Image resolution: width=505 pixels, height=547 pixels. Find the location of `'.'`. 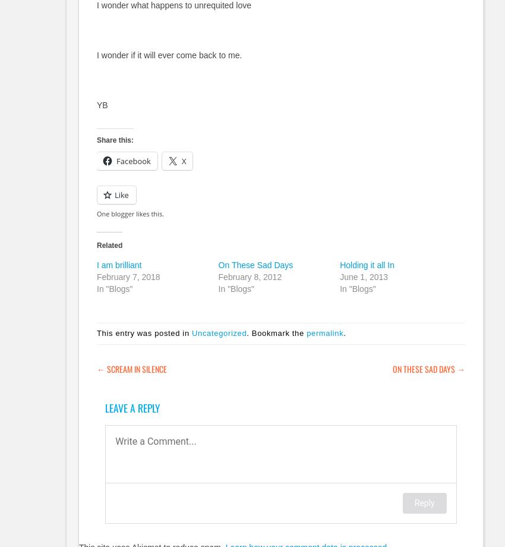

'.' is located at coordinates (345, 333).